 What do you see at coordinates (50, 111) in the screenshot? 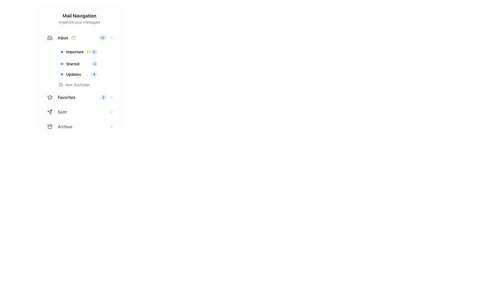
I see `the Icon Button that navigates to the 'Sent' folder in the mail application's navigation menu, located to the left of the 'Sent' text label in the 'Favorites' section` at bounding box center [50, 111].